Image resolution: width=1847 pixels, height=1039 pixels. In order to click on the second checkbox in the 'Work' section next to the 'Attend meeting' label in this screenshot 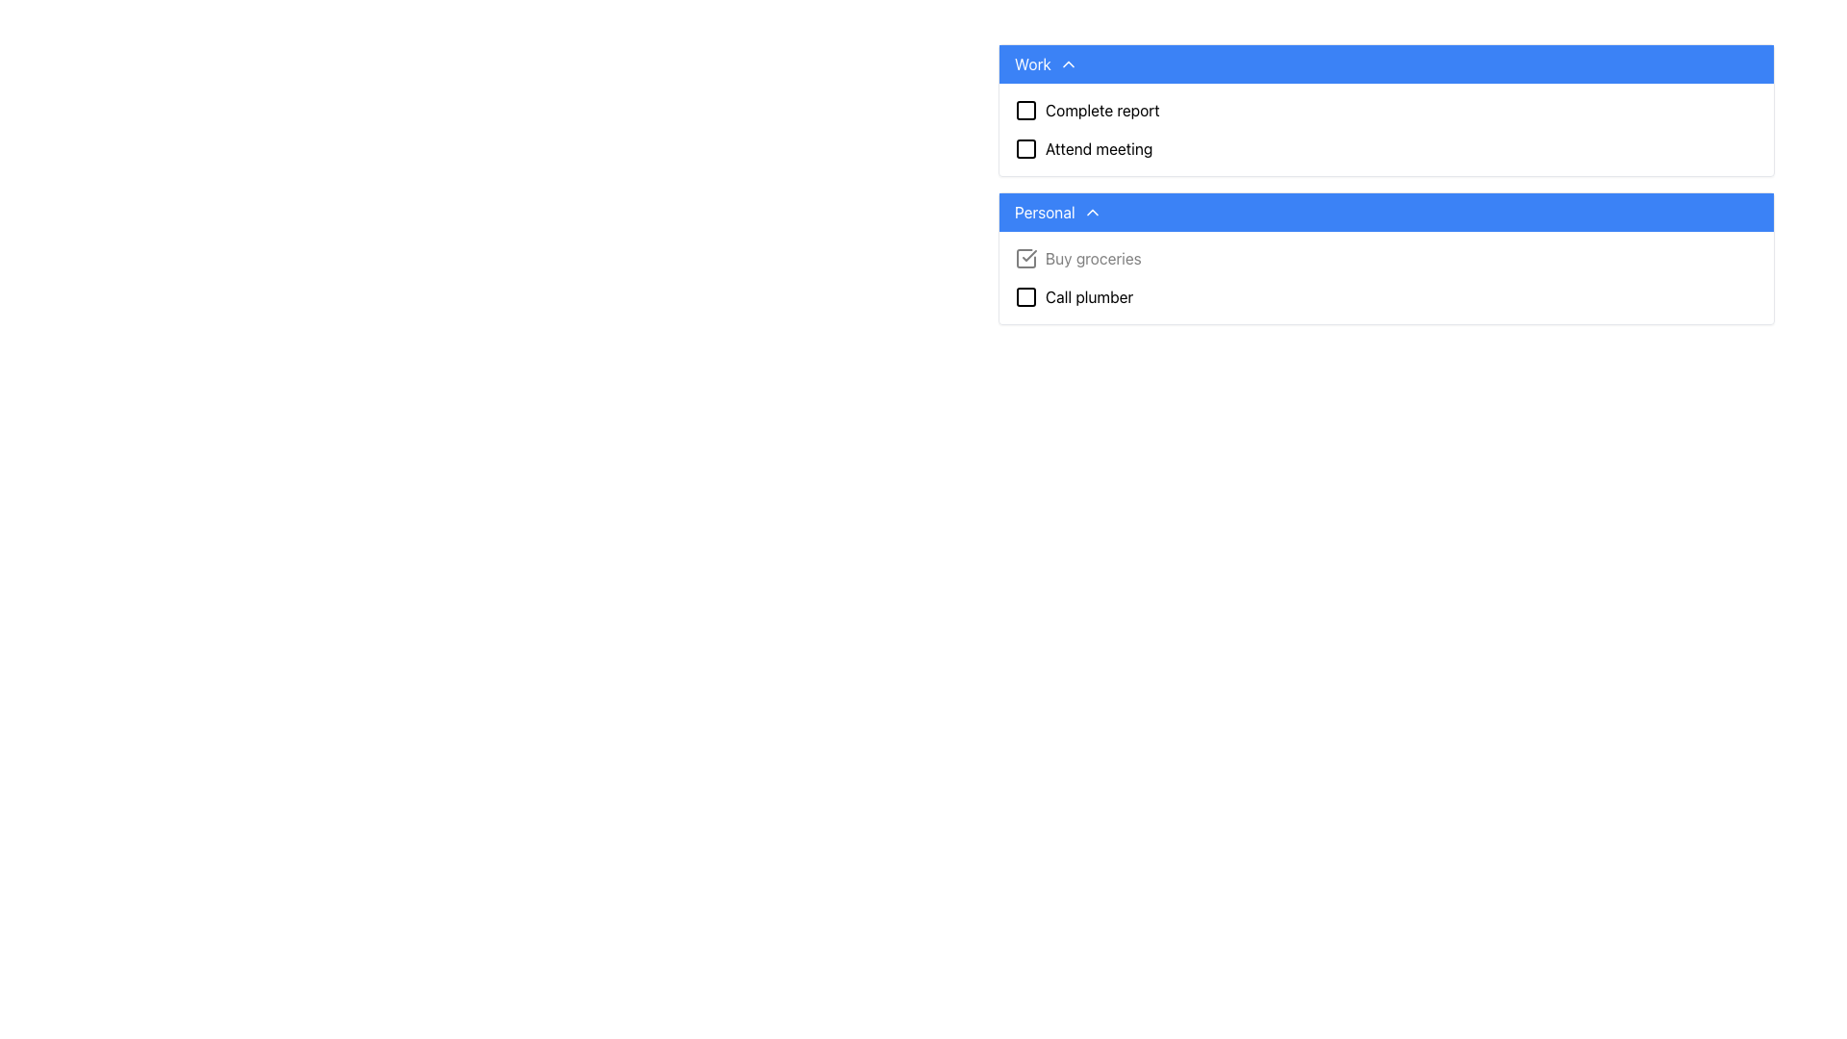, I will do `click(1025, 147)`.